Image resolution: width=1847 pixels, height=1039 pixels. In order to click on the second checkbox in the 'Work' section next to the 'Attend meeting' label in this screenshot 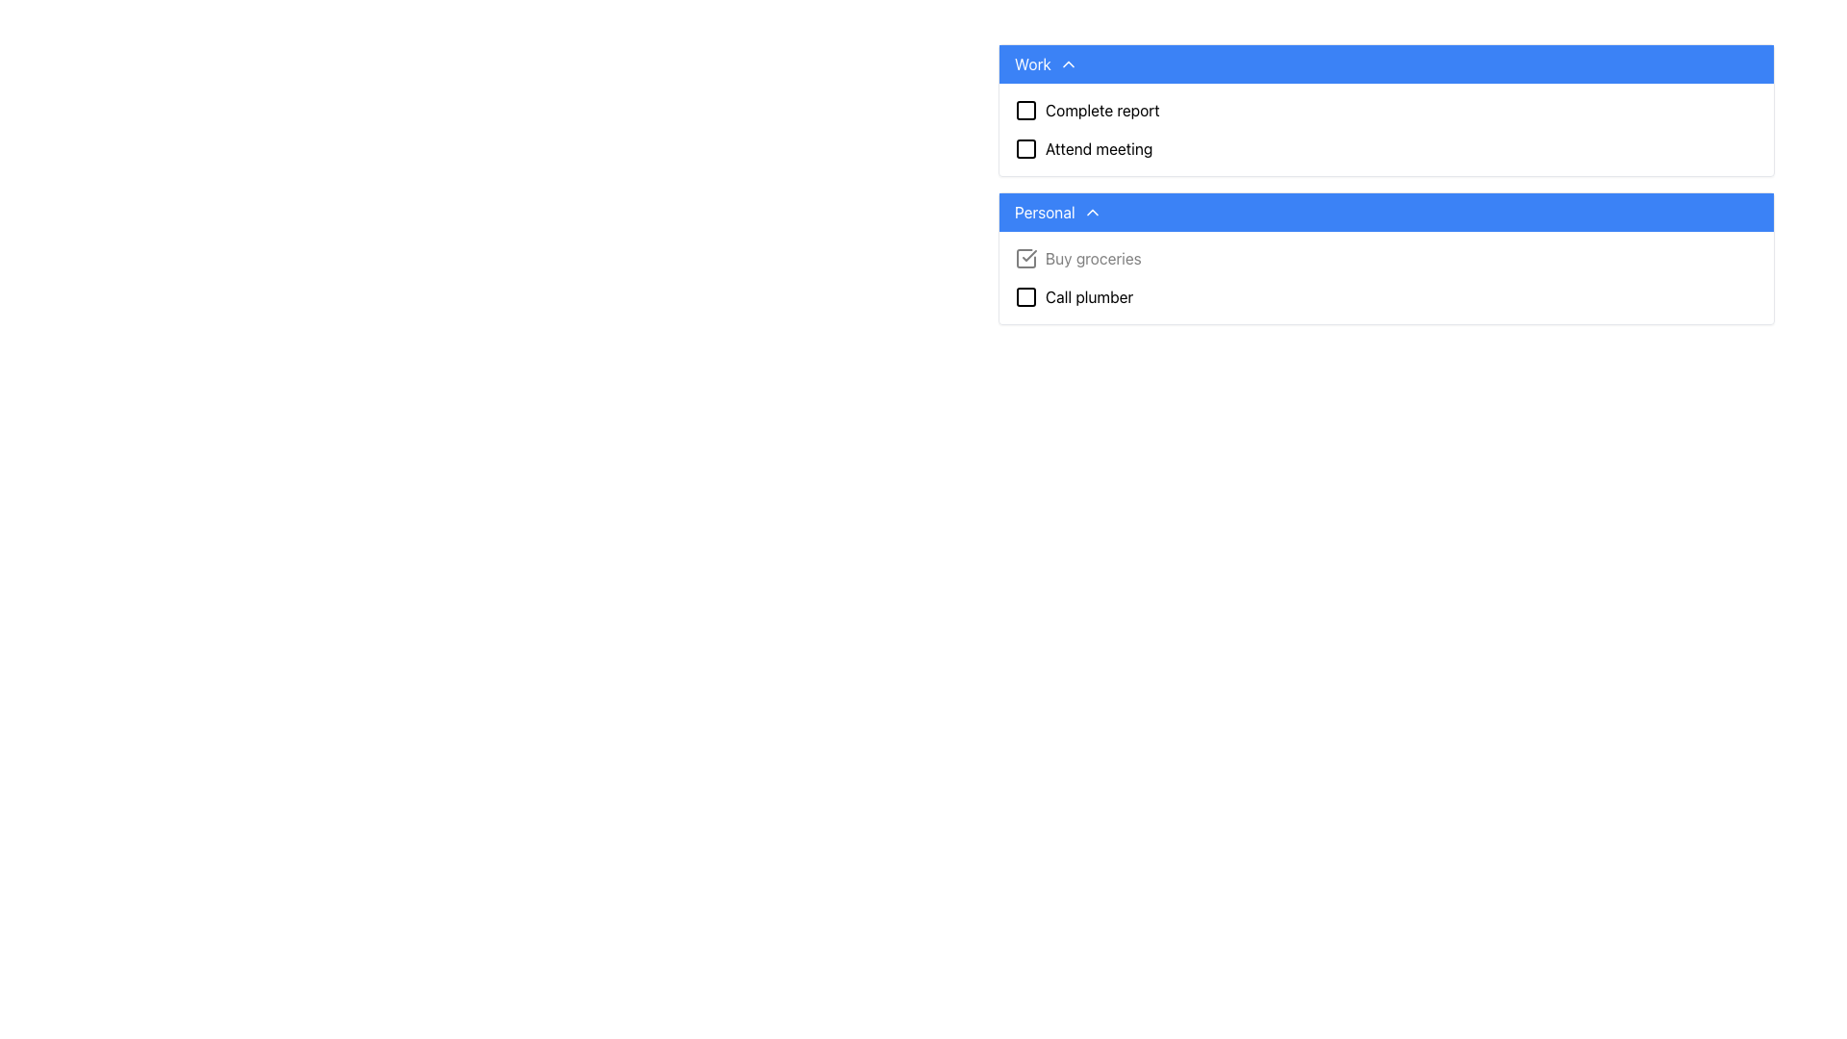, I will do `click(1025, 147)`.